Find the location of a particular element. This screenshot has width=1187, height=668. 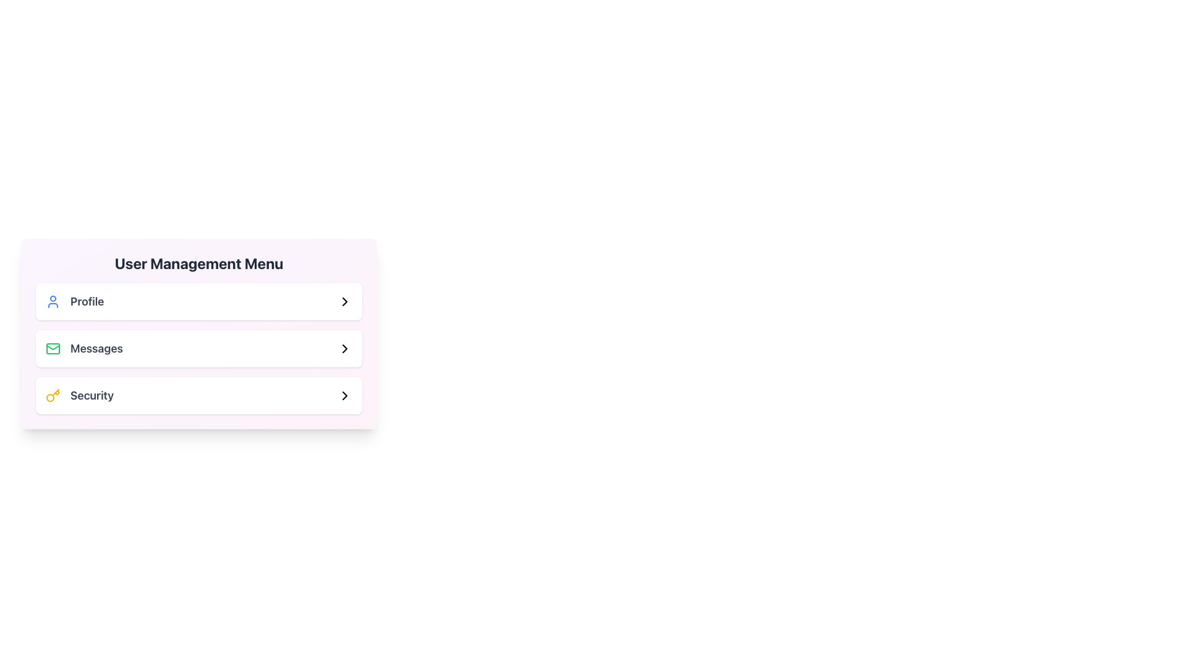

the 'Messages' menu item, which features a green envelope icon and bold dark gray text is located at coordinates (83, 348).